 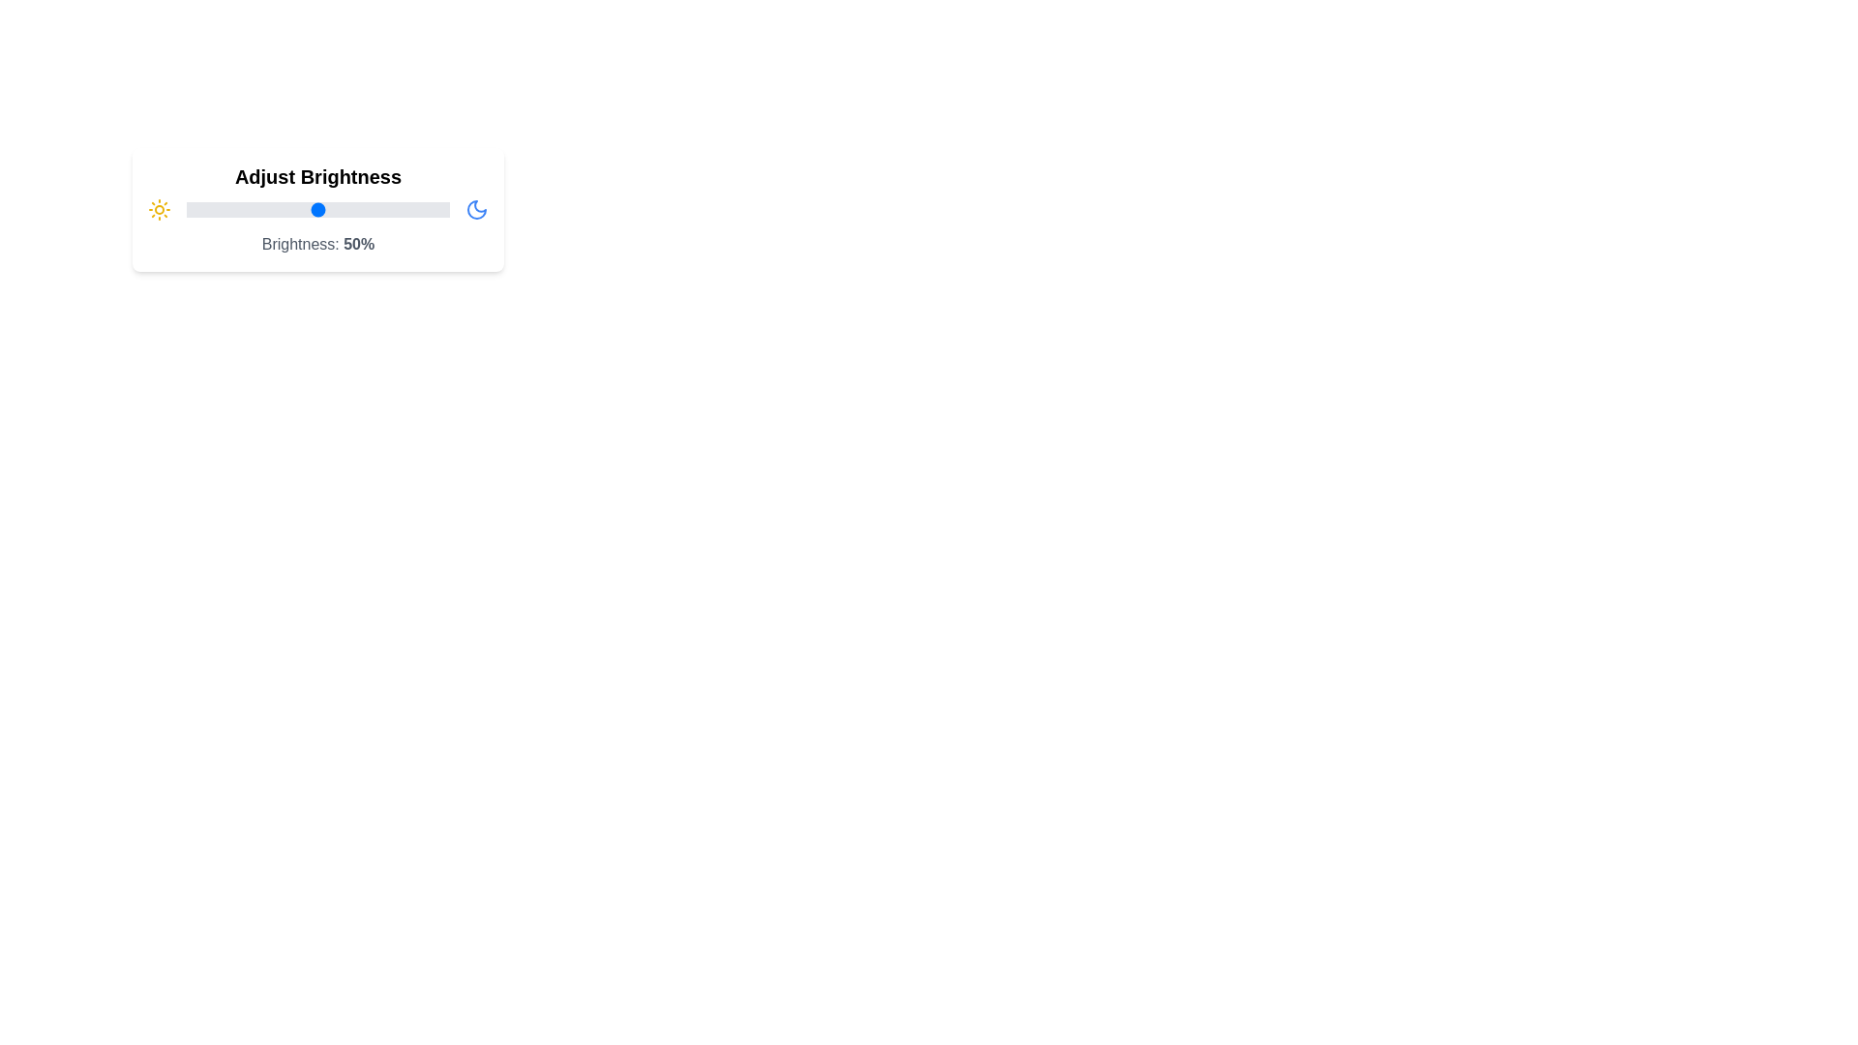 I want to click on the moon icon, so click(x=477, y=209).